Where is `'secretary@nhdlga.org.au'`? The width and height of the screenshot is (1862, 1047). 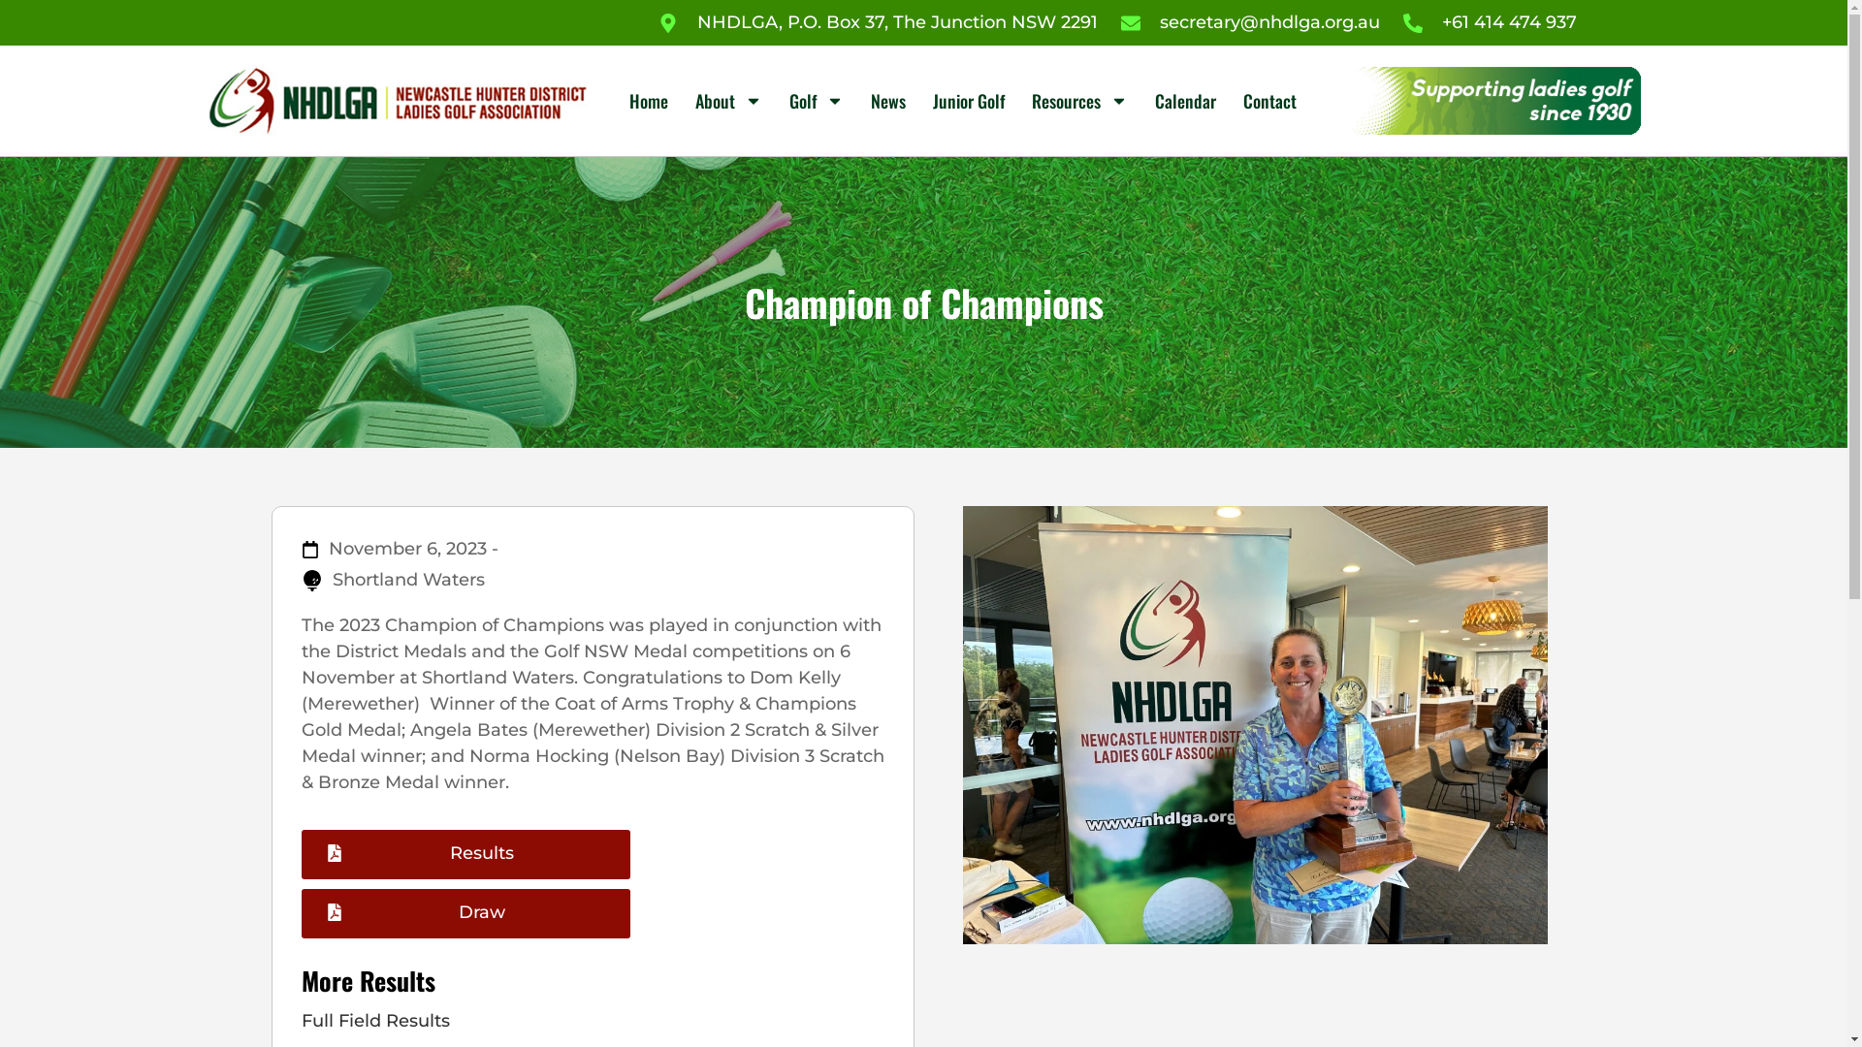 'secretary@nhdlga.org.au' is located at coordinates (1250, 22).